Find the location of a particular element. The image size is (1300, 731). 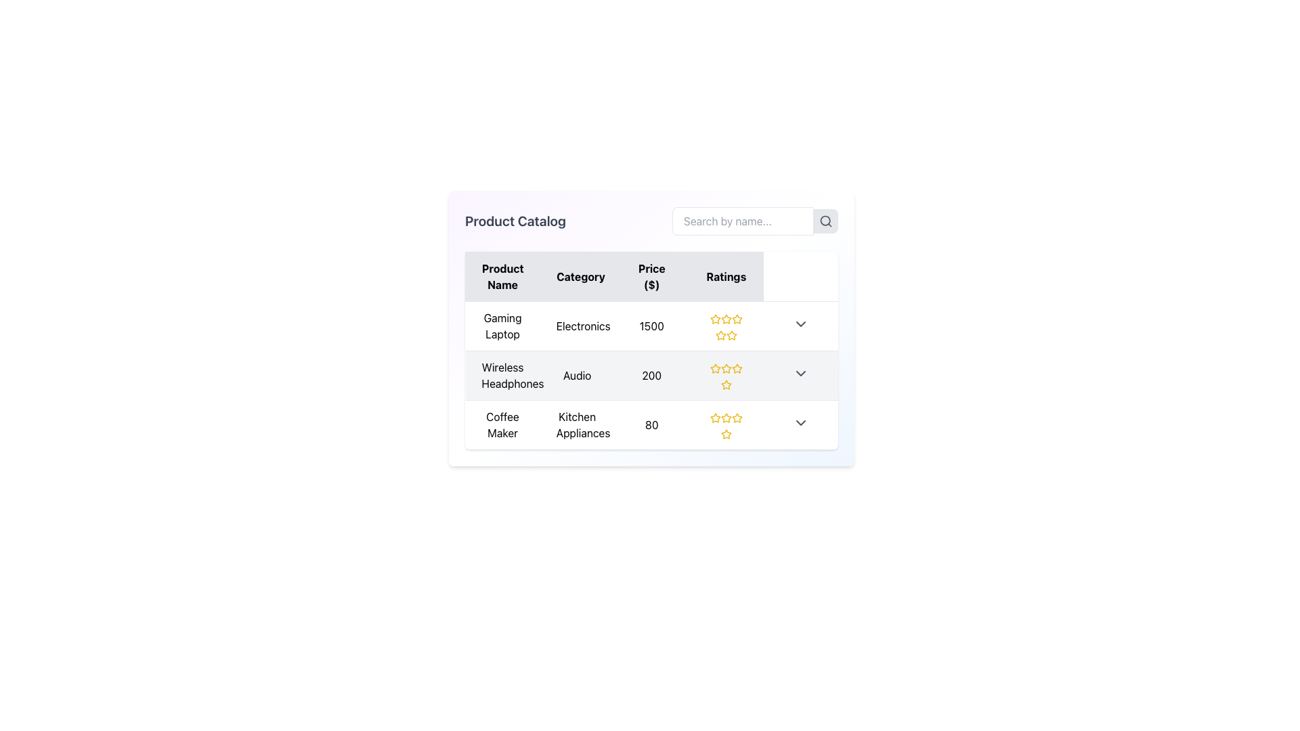

the third yellow star icon in the Ratings column of the third row for the Coffee Maker product is located at coordinates (725, 417).